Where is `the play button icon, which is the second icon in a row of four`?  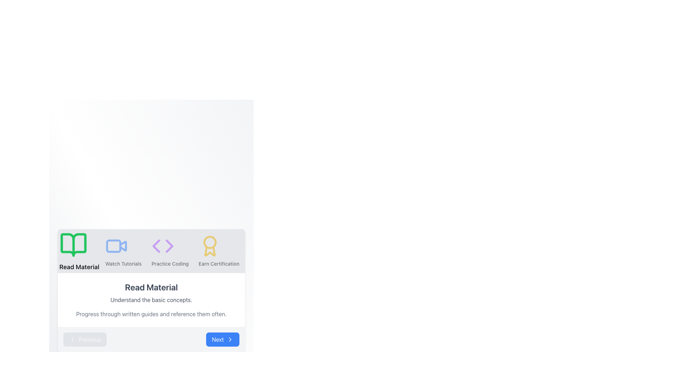
the play button icon, which is the second icon in a row of four is located at coordinates (123, 245).